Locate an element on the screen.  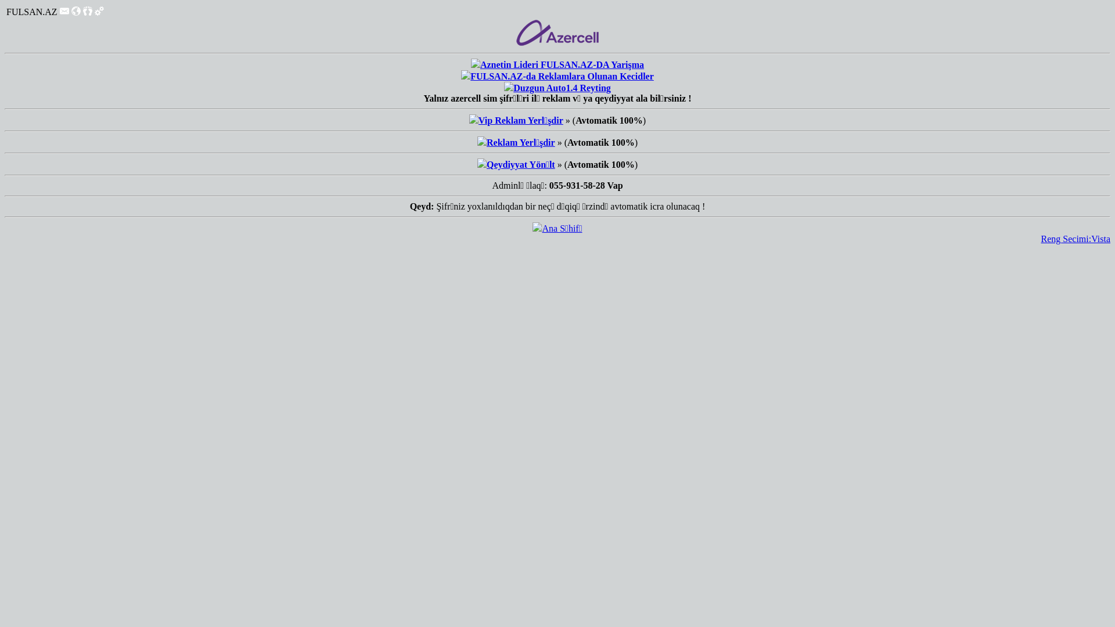
'Mesajlar' is located at coordinates (63, 12).